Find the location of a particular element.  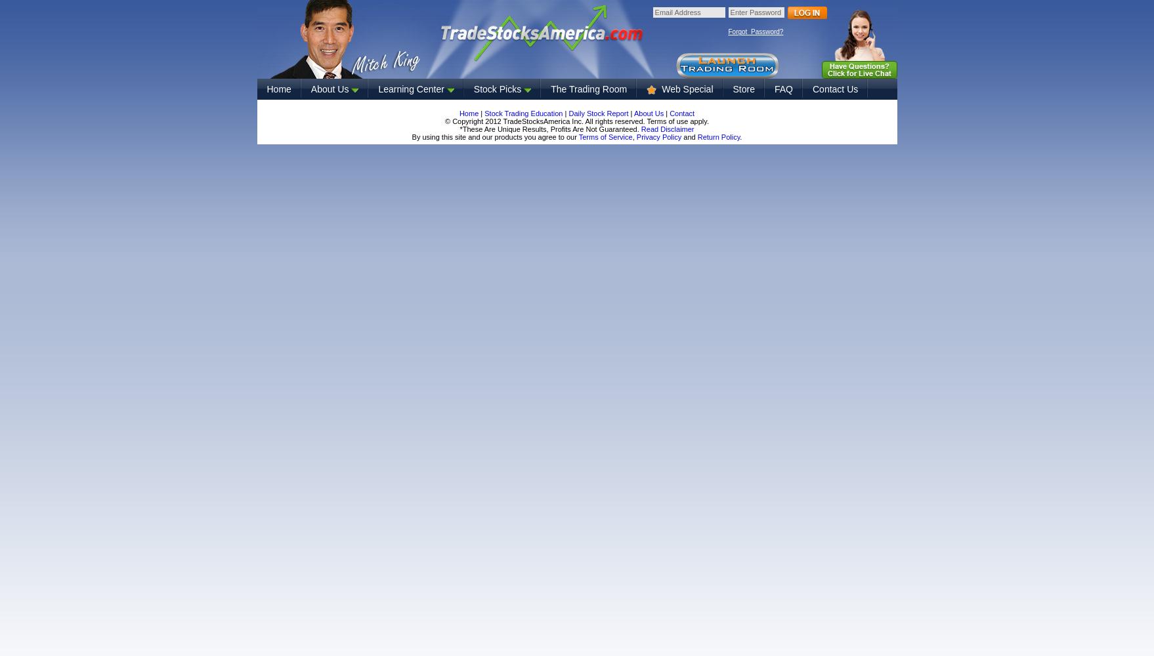

'Contact' is located at coordinates (681, 113).